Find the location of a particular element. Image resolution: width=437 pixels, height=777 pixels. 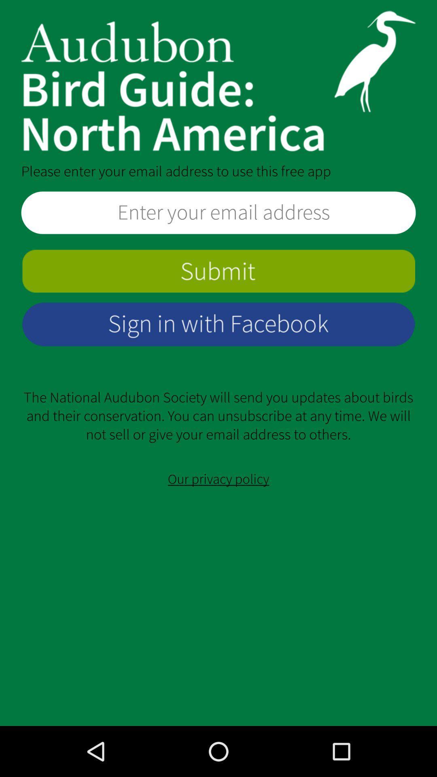

your email address is located at coordinates (218, 212).